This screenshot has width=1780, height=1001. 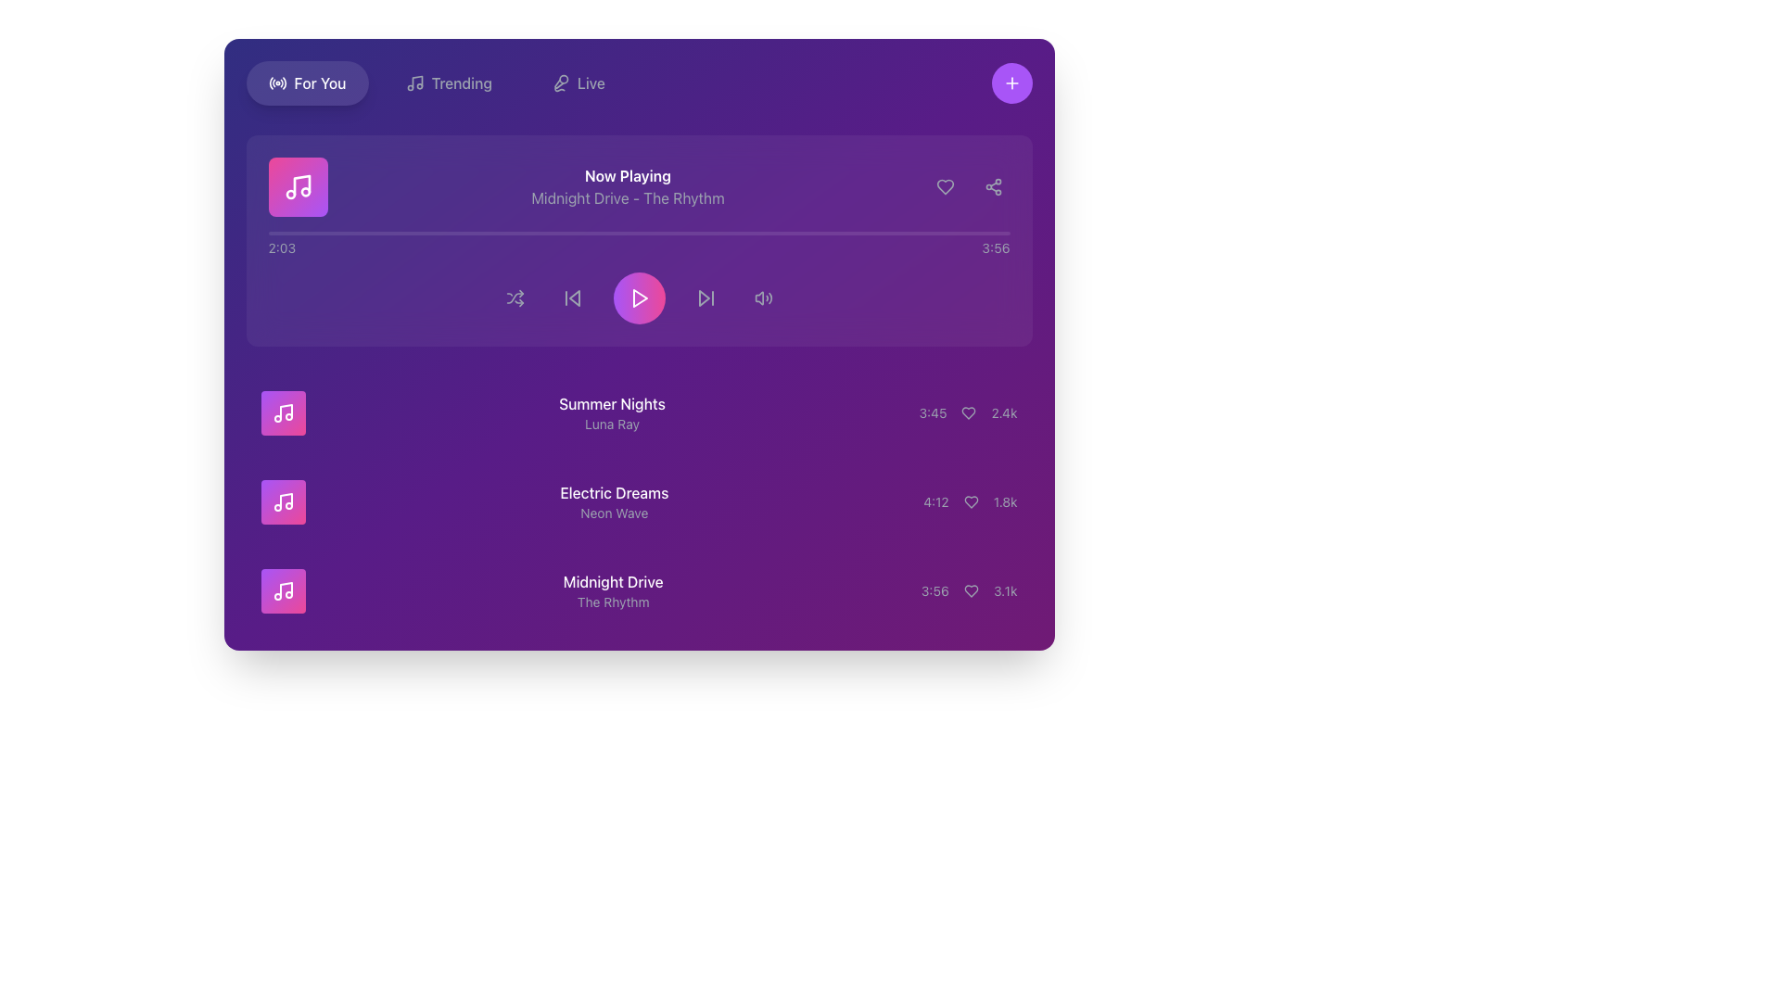 What do you see at coordinates (970, 502) in the screenshot?
I see `the heart-shaped icon on the right side of the second item in the vertically stacked list to like or unlike the associated music item` at bounding box center [970, 502].